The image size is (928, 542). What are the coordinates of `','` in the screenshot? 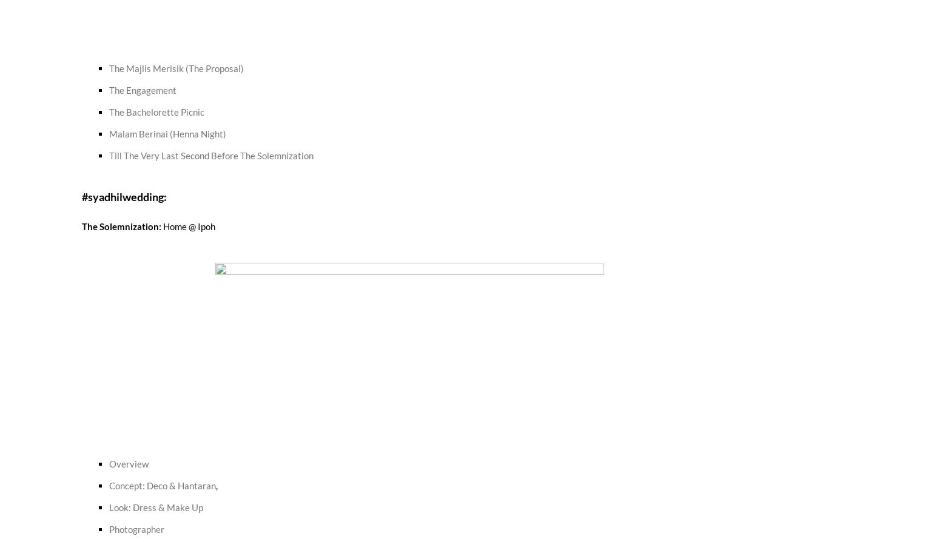 It's located at (217, 484).